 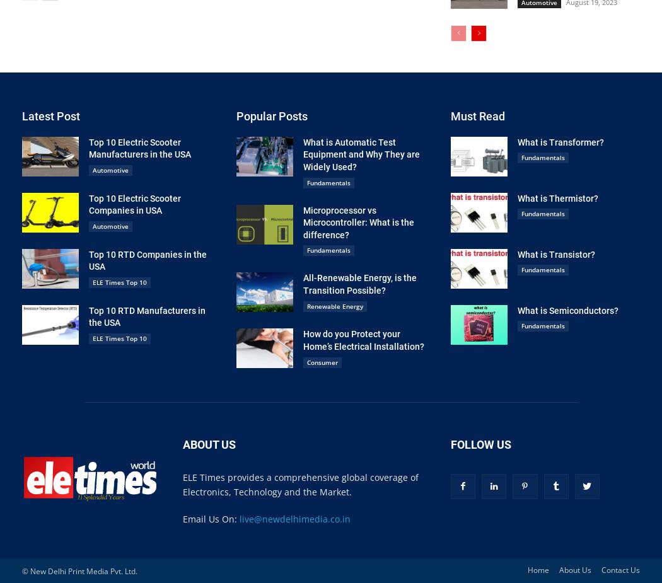 I want to click on 'FOLLOW US', so click(x=450, y=444).